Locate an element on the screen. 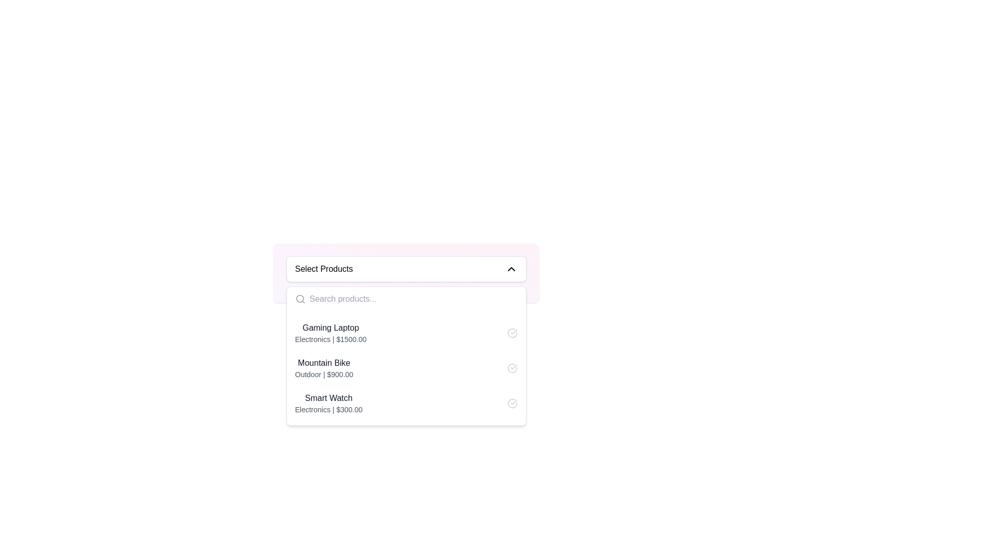  the text label displaying 'Outdoor | $900.00' which is styled in a subtle gray color and positioned below the 'Mountain Bike' text is located at coordinates (323, 375).